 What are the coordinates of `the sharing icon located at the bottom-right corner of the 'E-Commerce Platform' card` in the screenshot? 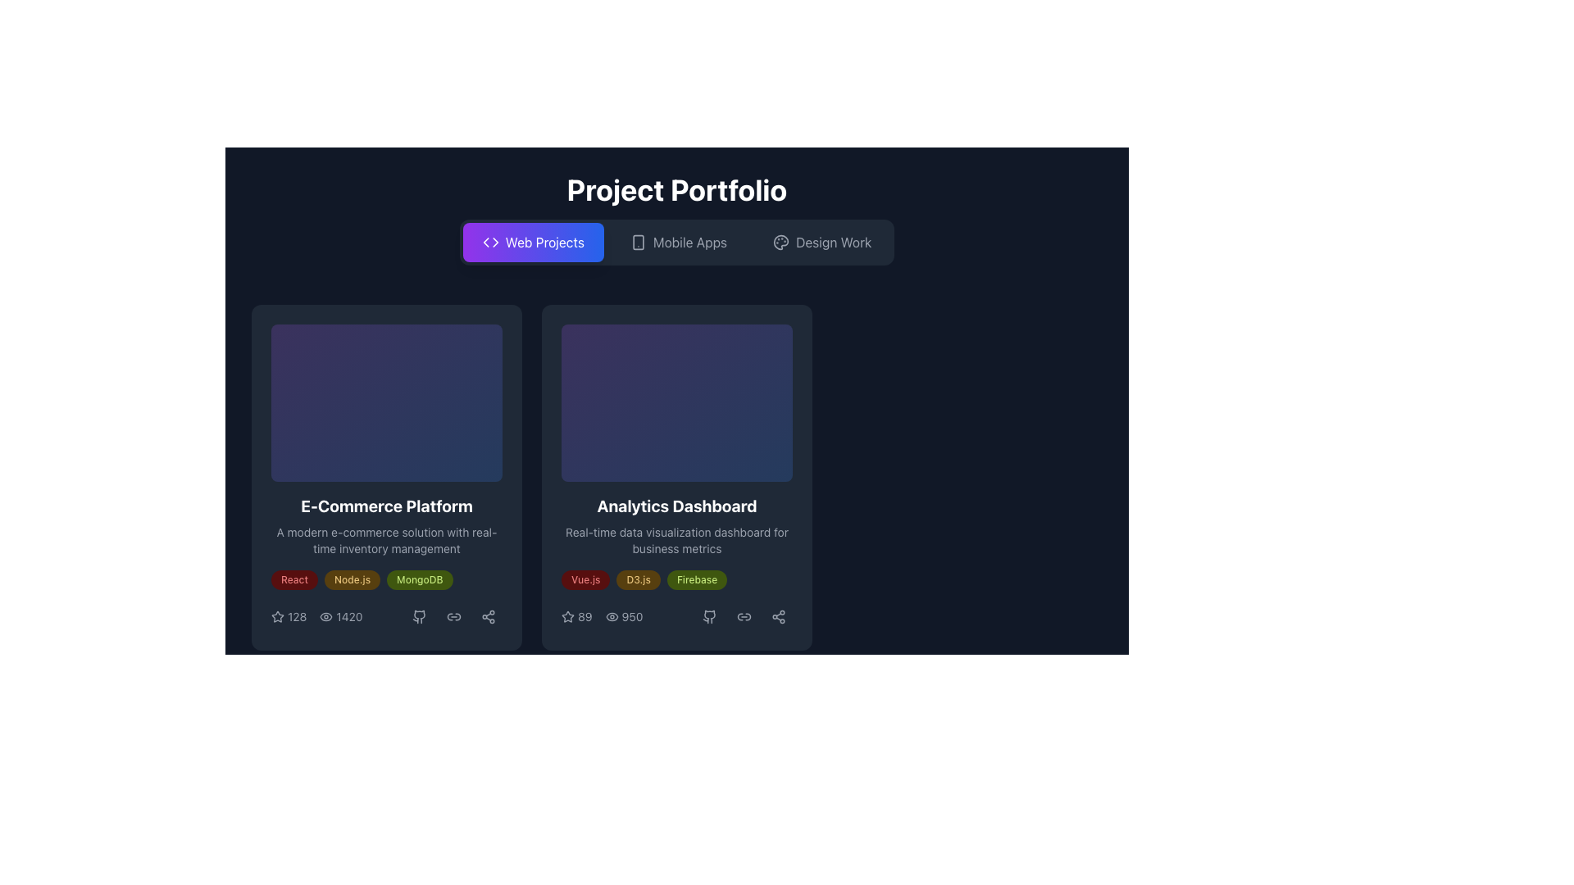 It's located at (487, 616).